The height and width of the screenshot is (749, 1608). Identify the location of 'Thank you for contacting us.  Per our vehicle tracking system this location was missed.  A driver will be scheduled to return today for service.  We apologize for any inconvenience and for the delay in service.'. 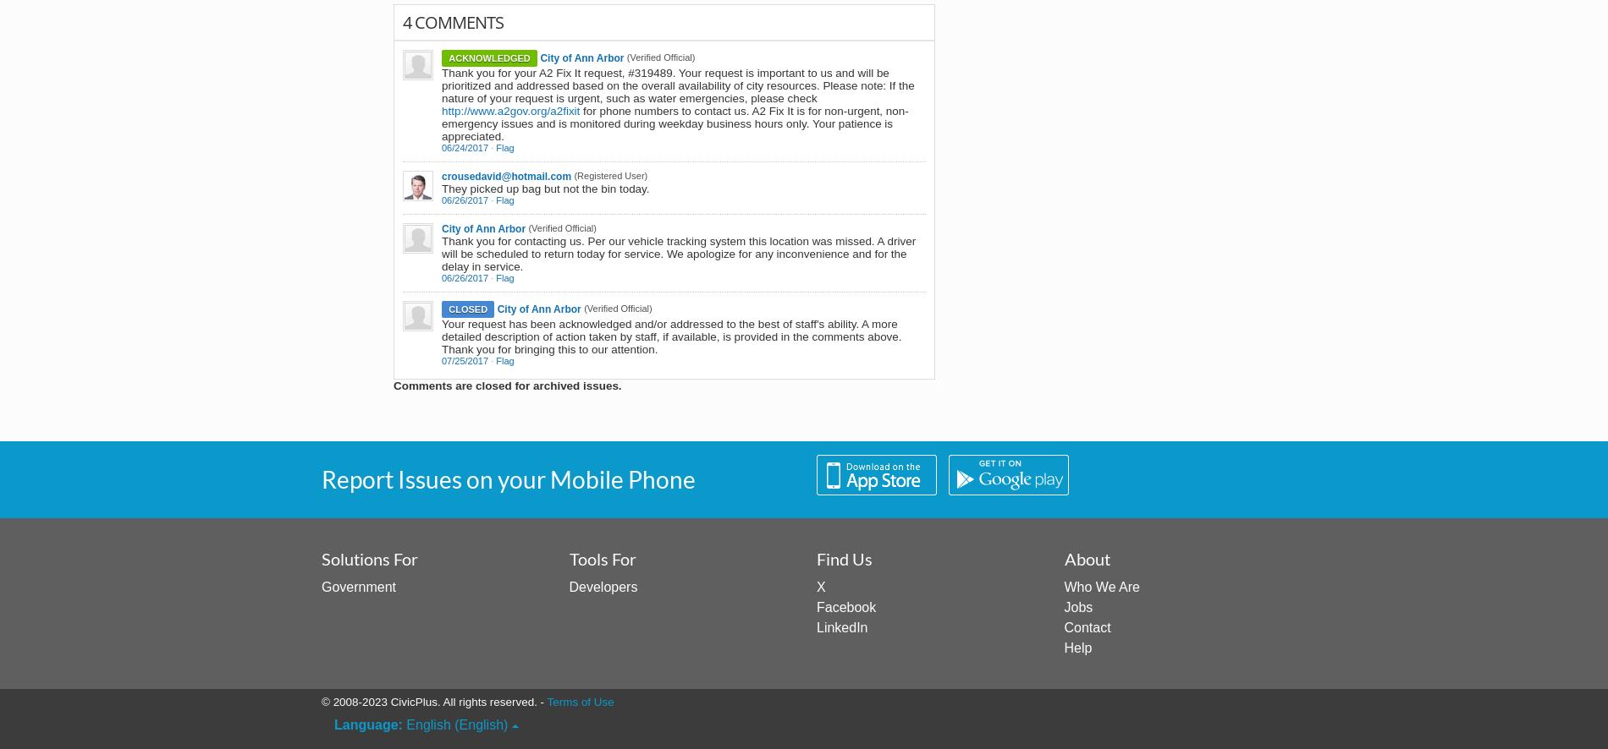
(677, 253).